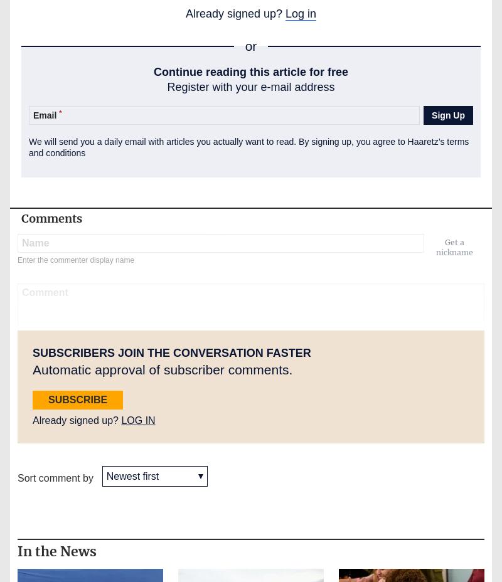  Describe the element at coordinates (32, 351) in the screenshot. I see `'SUBSCRIBERS JOIN THE CONVERSATION FASTER'` at that location.